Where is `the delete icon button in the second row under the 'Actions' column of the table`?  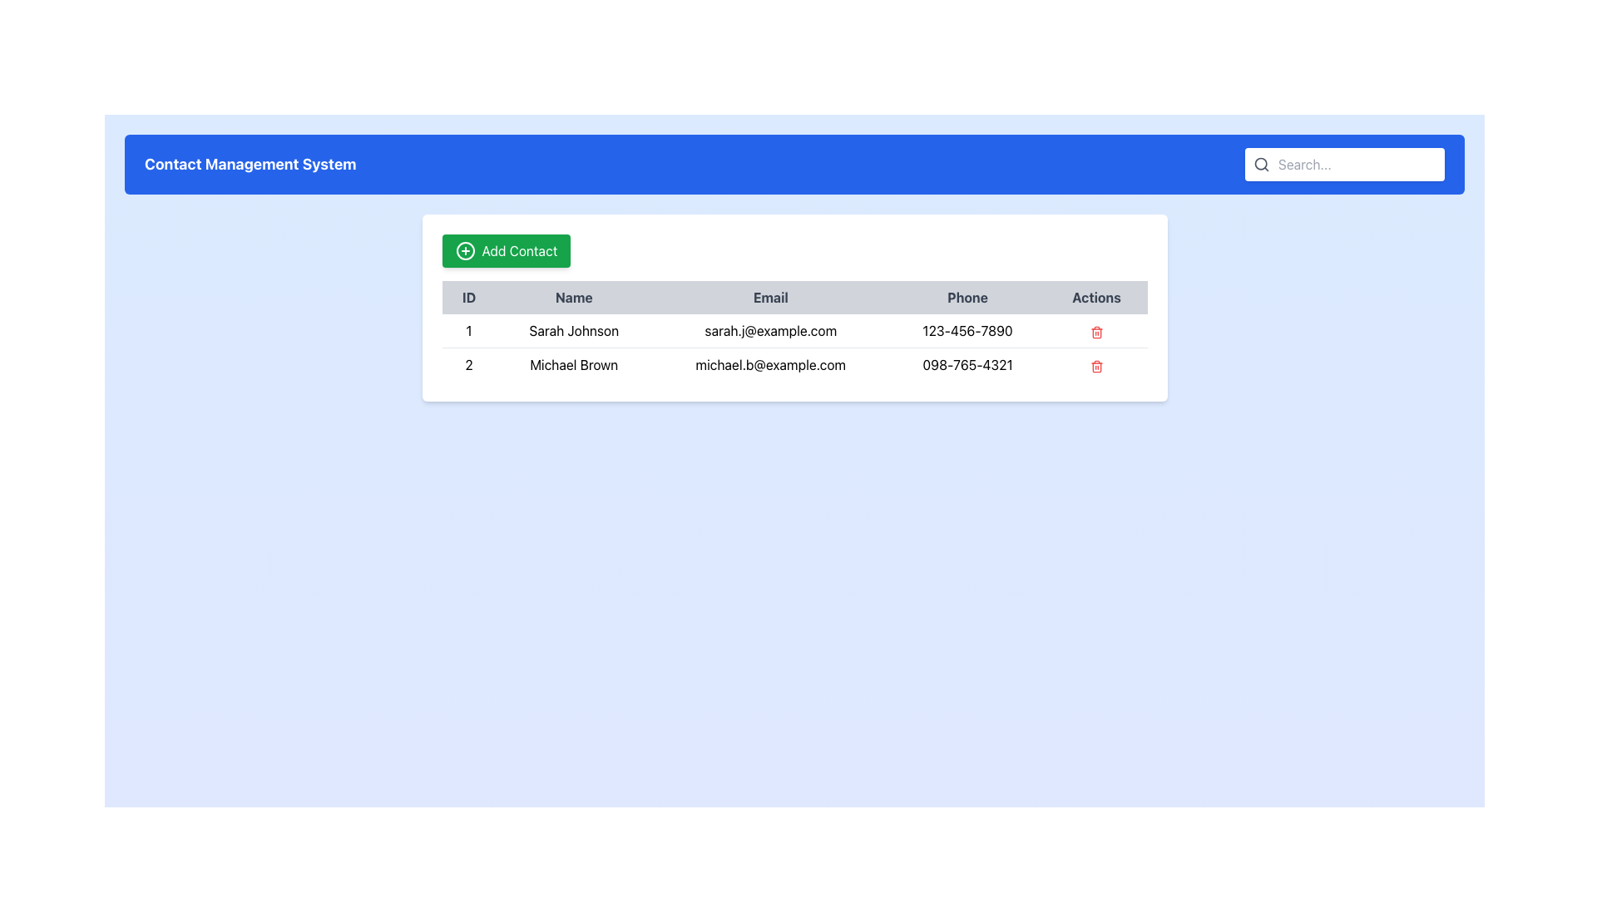 the delete icon button in the second row under the 'Actions' column of the table is located at coordinates (1096, 332).